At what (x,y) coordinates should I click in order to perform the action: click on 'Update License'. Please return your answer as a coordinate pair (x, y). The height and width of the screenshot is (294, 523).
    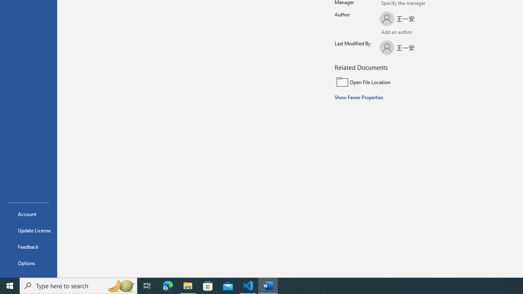
    Looking at the image, I should click on (28, 230).